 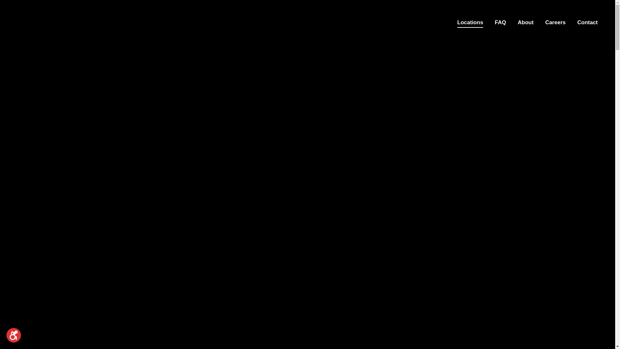 What do you see at coordinates (470, 22) in the screenshot?
I see `'Locations'` at bounding box center [470, 22].